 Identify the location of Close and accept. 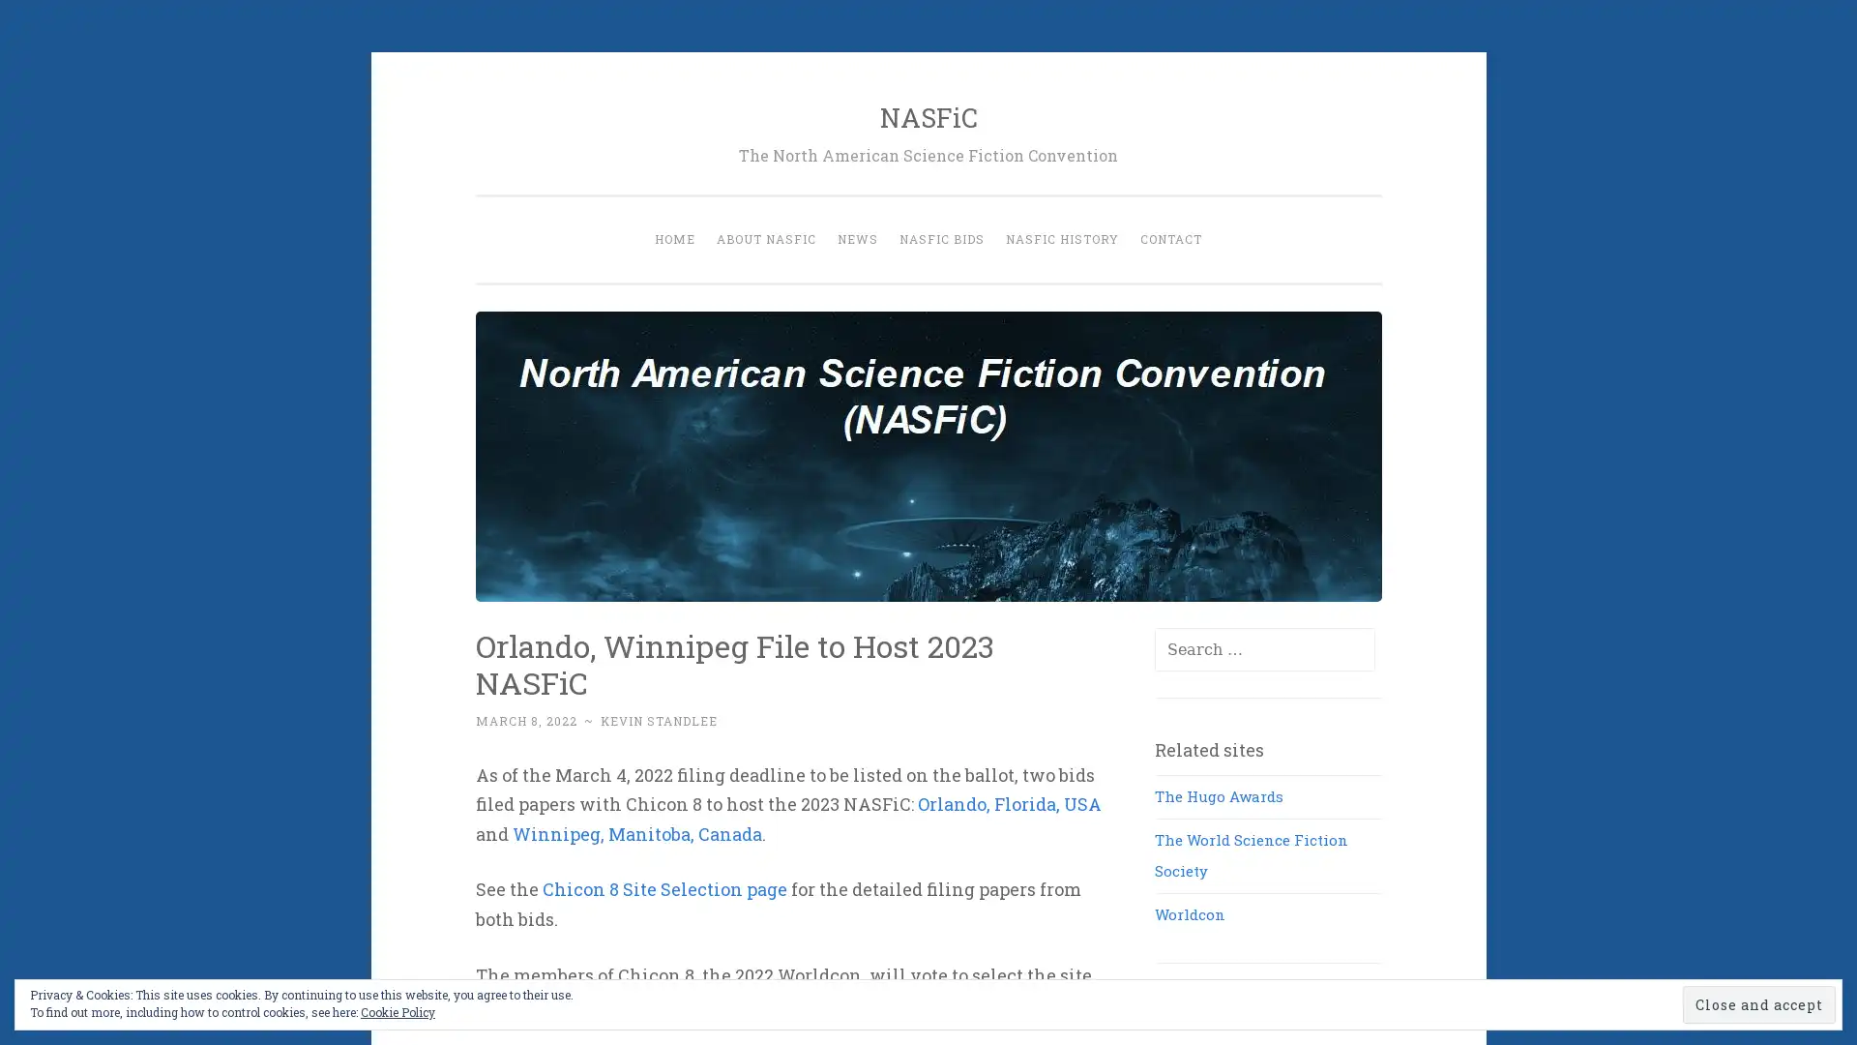
(1759, 1003).